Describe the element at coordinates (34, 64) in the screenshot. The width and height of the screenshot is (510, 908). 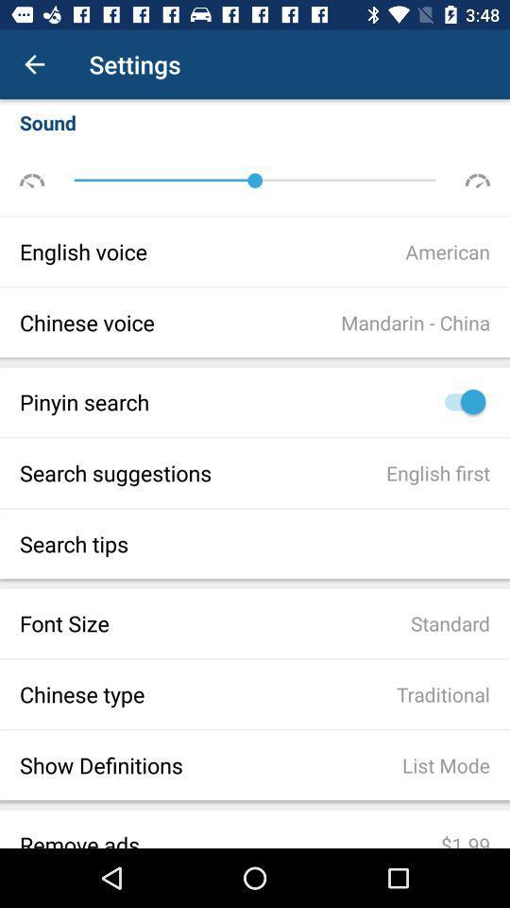
I see `item next to the settings icon` at that location.